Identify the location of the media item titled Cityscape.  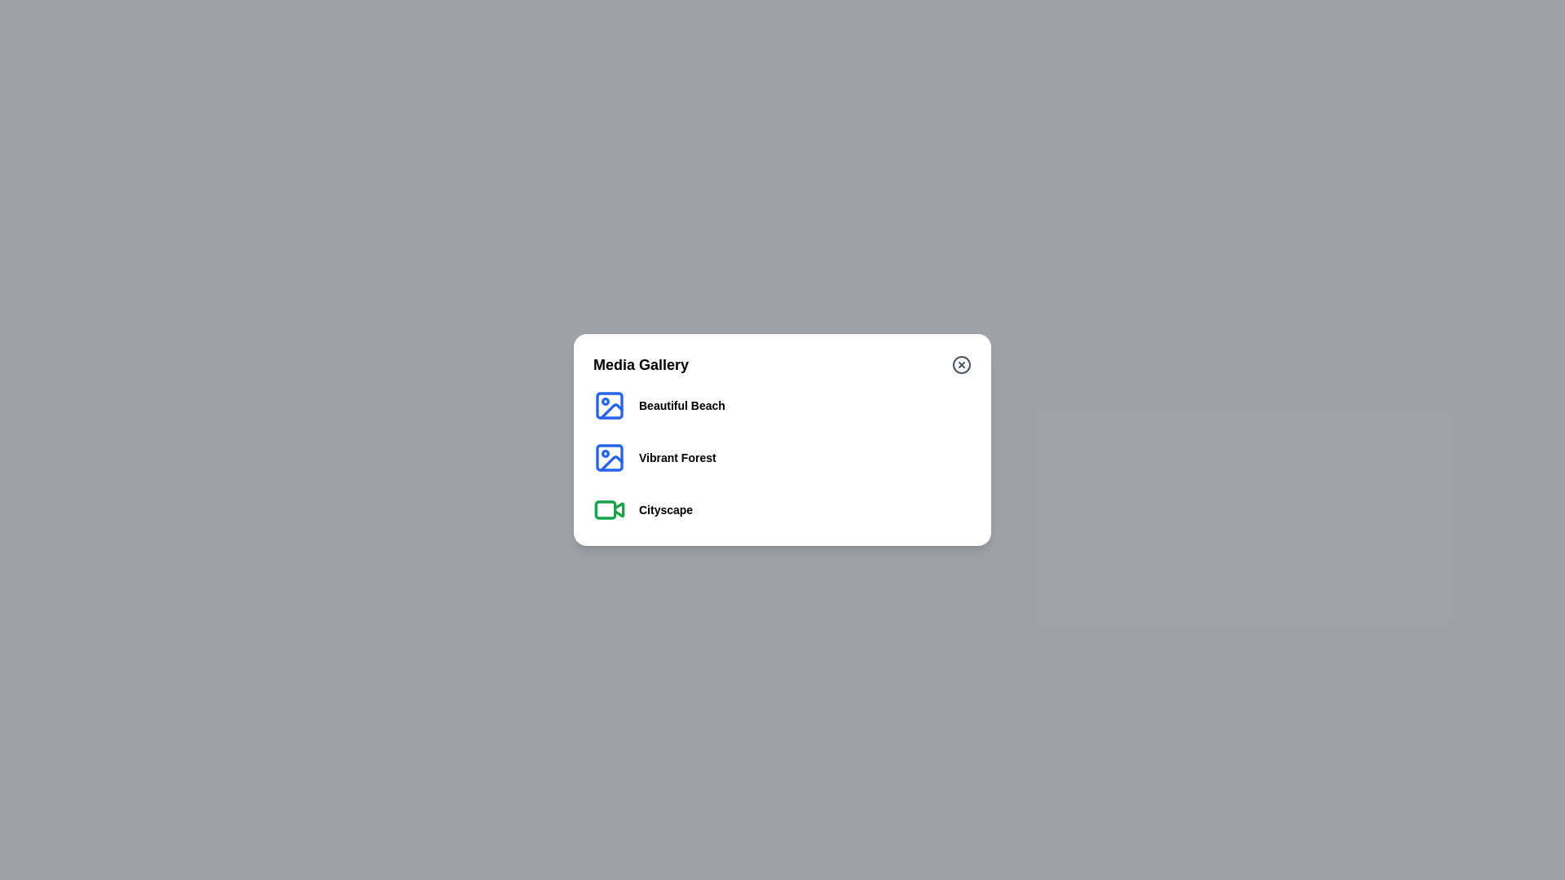
(666, 508).